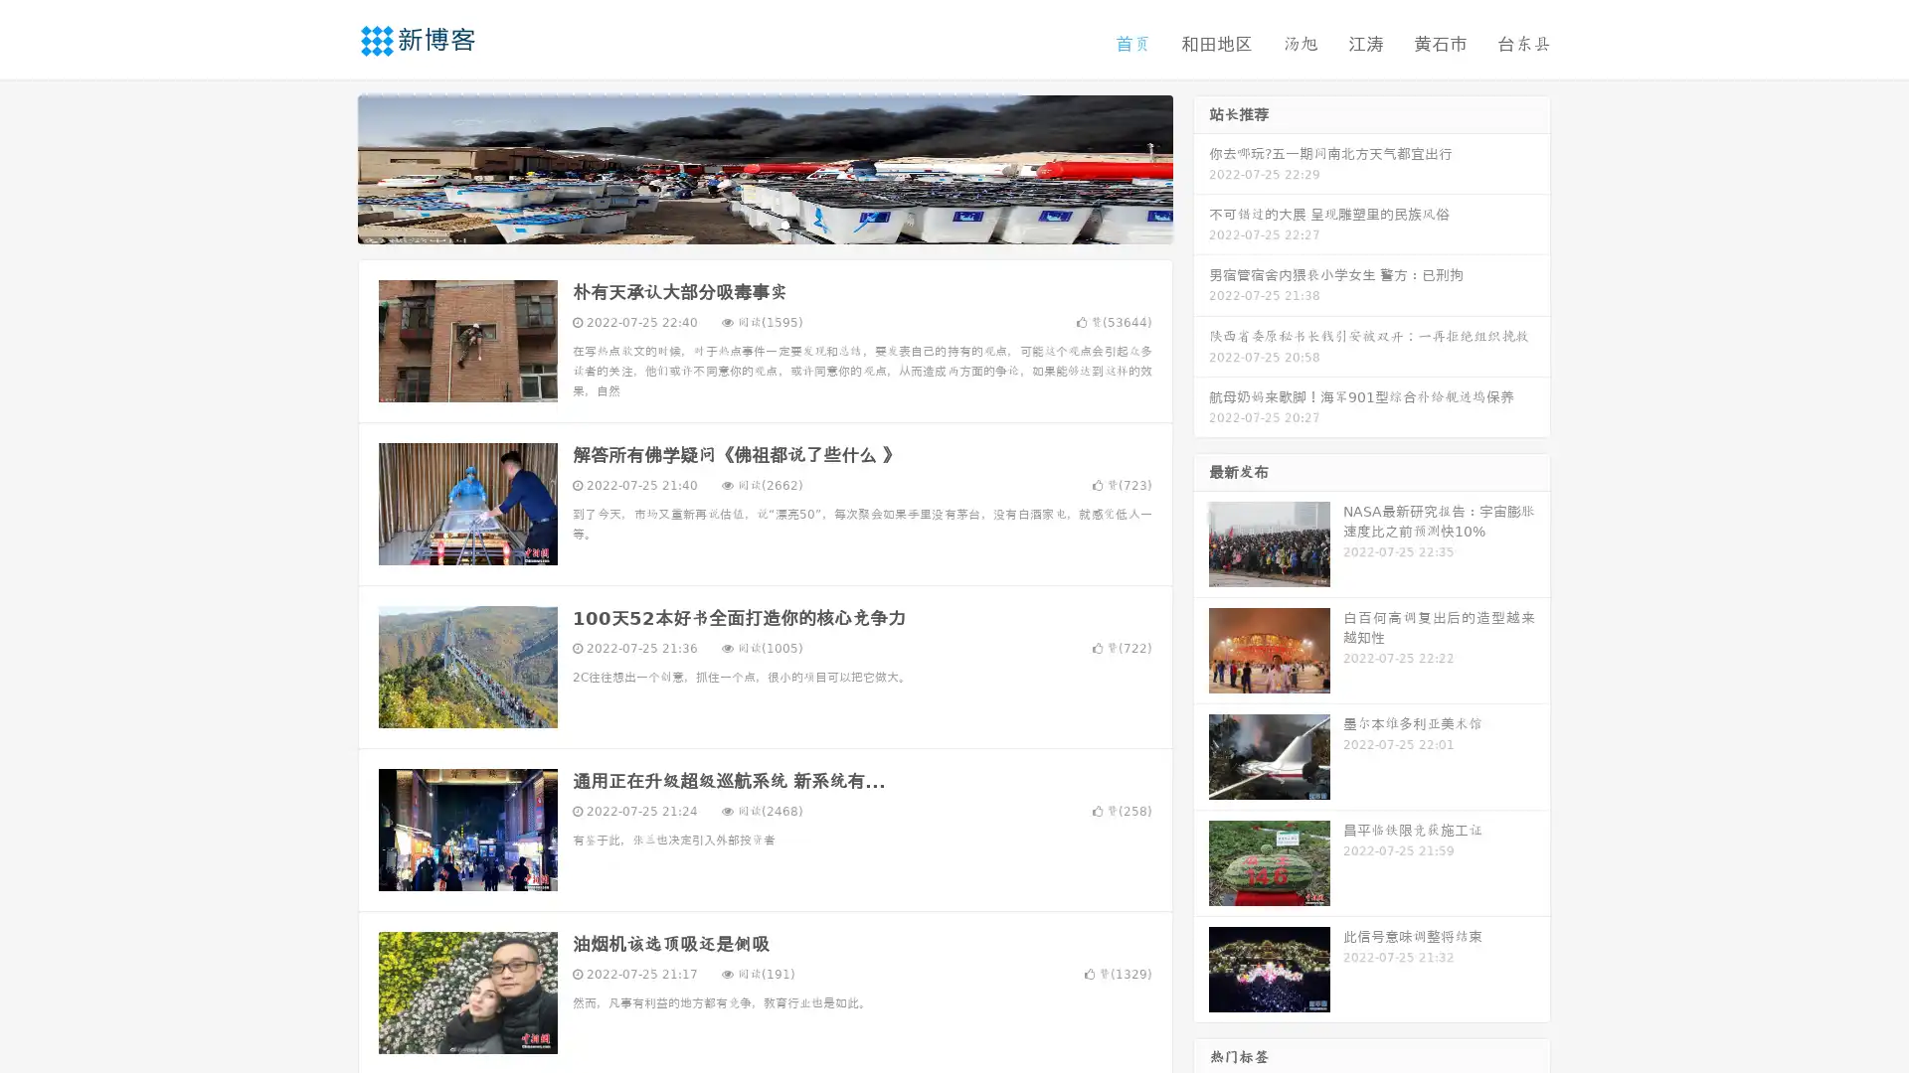 Image resolution: width=1909 pixels, height=1073 pixels. I want to click on Go to slide 2, so click(764, 224).